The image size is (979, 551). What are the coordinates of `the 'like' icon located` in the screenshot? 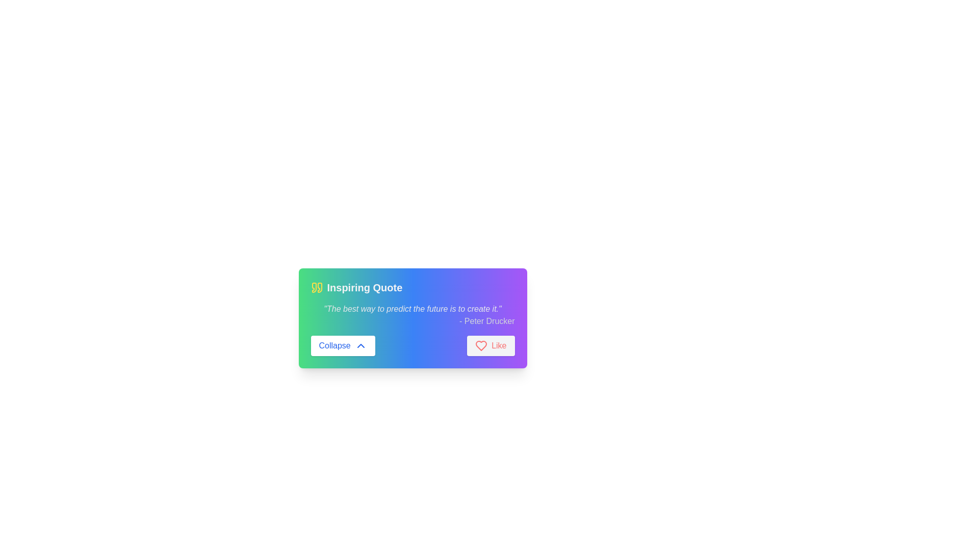 It's located at (481, 345).